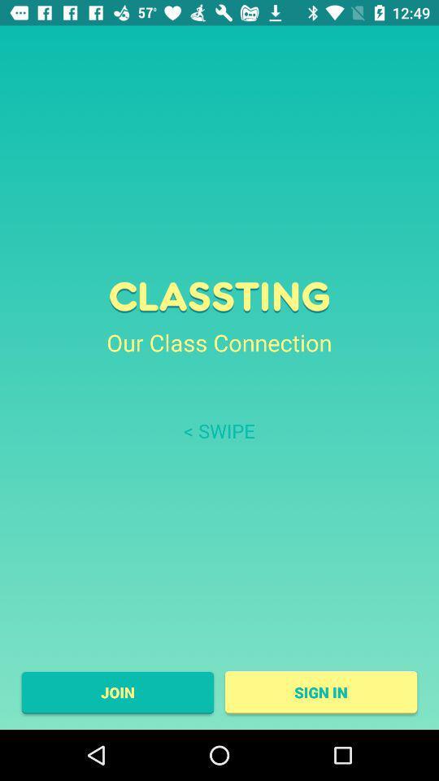 The height and width of the screenshot is (781, 439). What do you see at coordinates (321, 692) in the screenshot?
I see `item to the right of the join item` at bounding box center [321, 692].